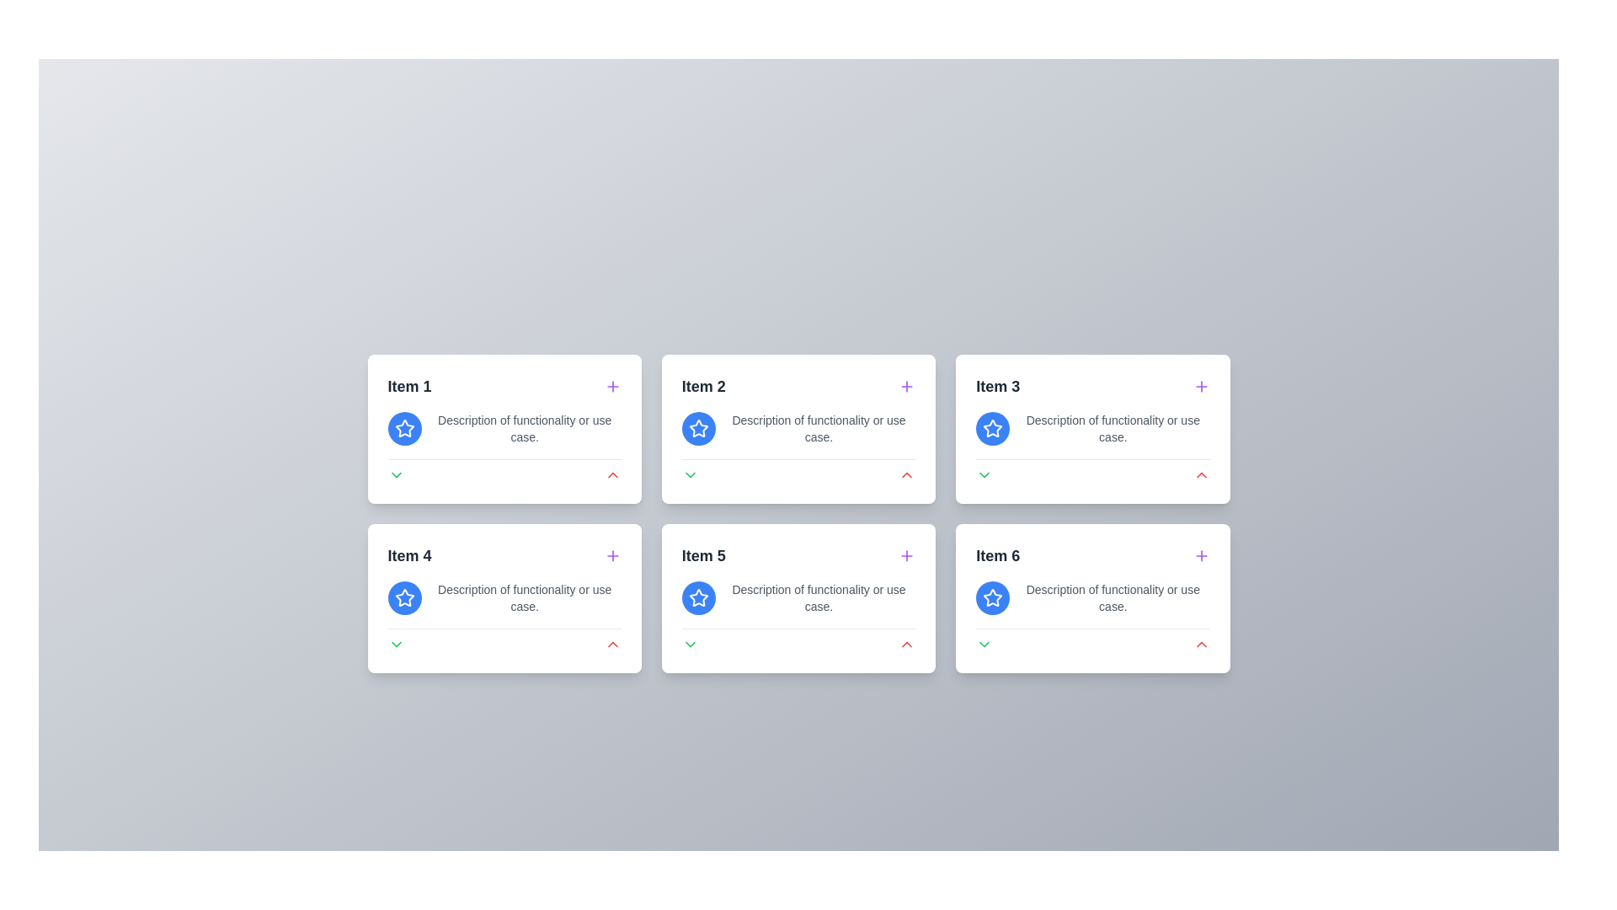 Image resolution: width=1617 pixels, height=910 pixels. Describe the element at coordinates (985, 474) in the screenshot. I see `the green downward-pointing chevron toggle icon located in the bottom section of the card labeled 'Item 3'` at that location.